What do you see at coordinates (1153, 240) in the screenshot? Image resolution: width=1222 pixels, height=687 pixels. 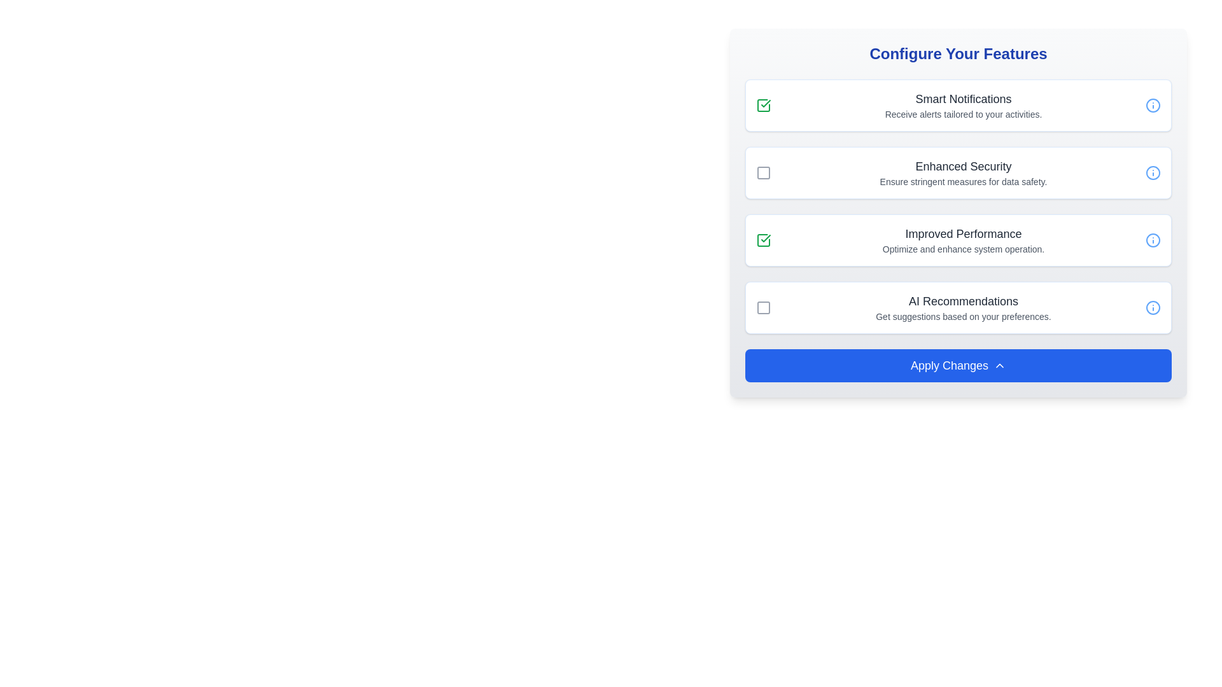 I see `the Circle SVG component of the 'info' icon, which provides additional information about the 'Improved Performance' feature` at bounding box center [1153, 240].